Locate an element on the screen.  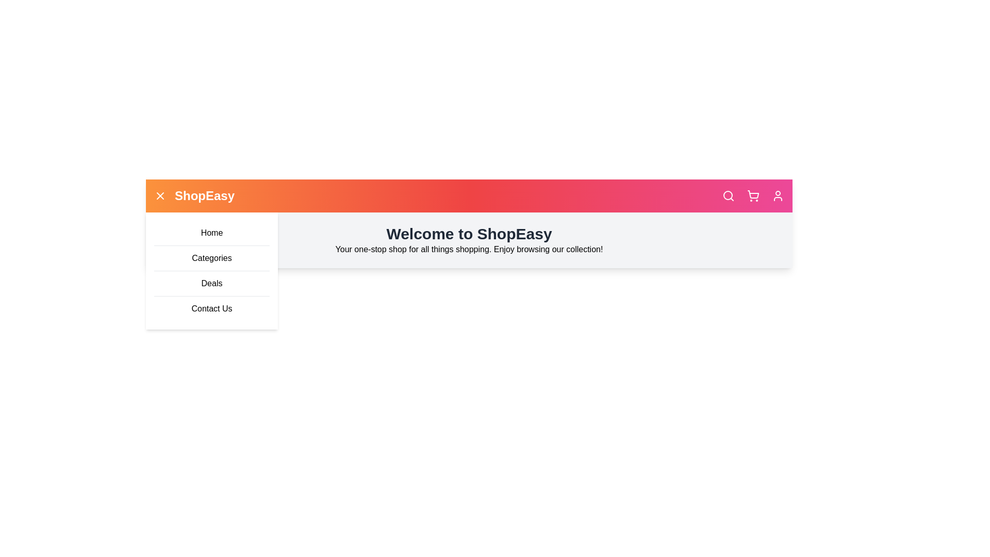
the 'Home' text link, which is styled with black text against a white background, located in the left panel under 'ShopEasy' is located at coordinates (211, 233).